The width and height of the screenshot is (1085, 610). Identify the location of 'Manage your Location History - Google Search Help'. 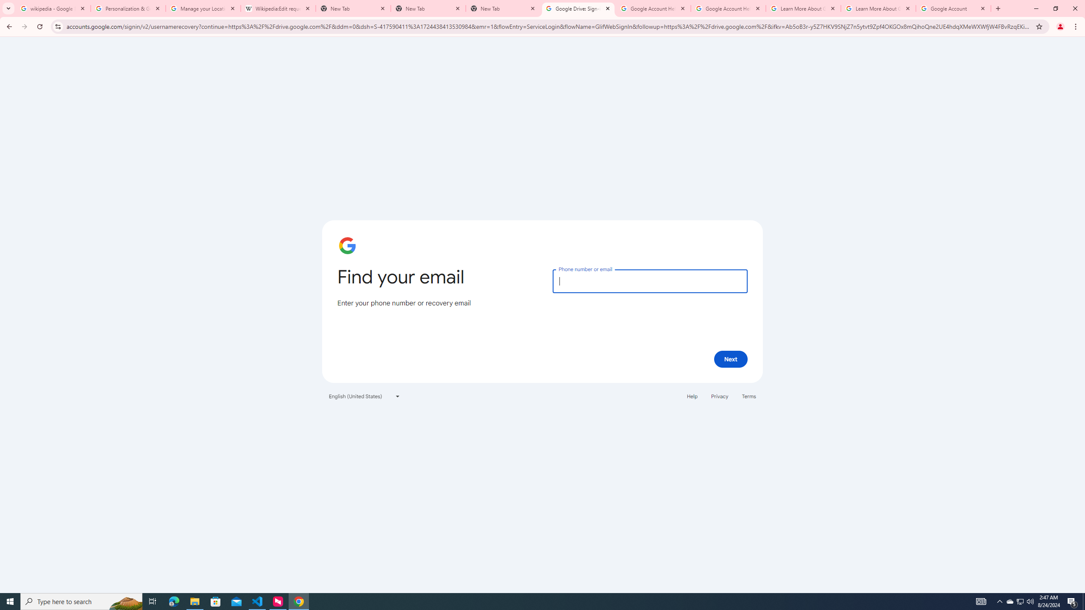
(202, 8).